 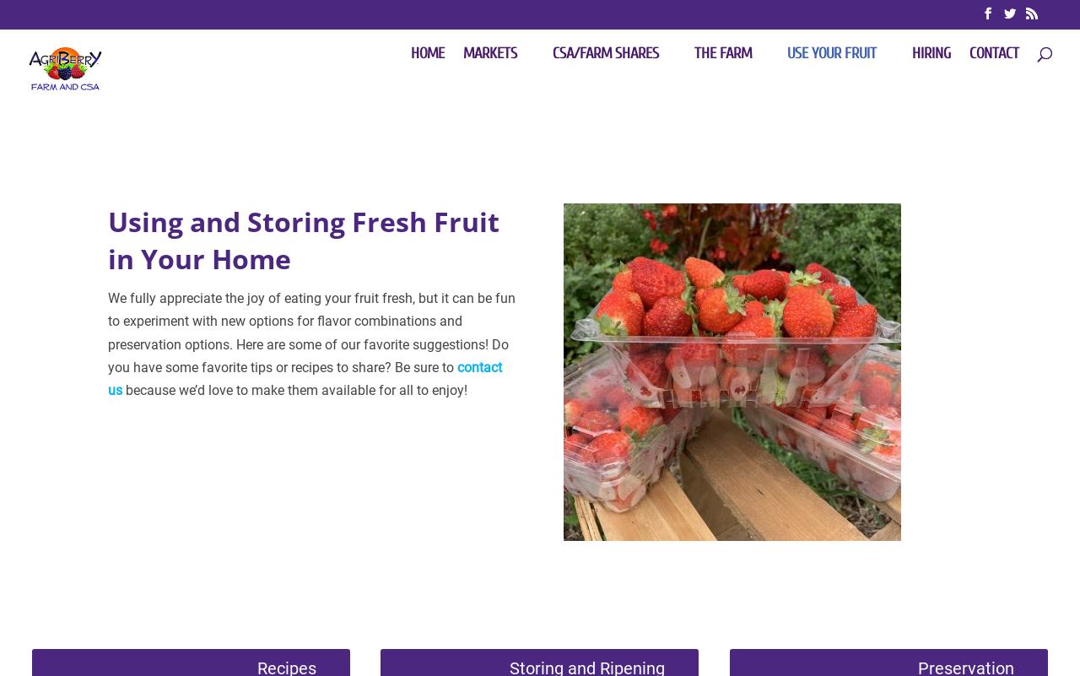 I want to click on 'Annapolis', so click(x=586, y=392).